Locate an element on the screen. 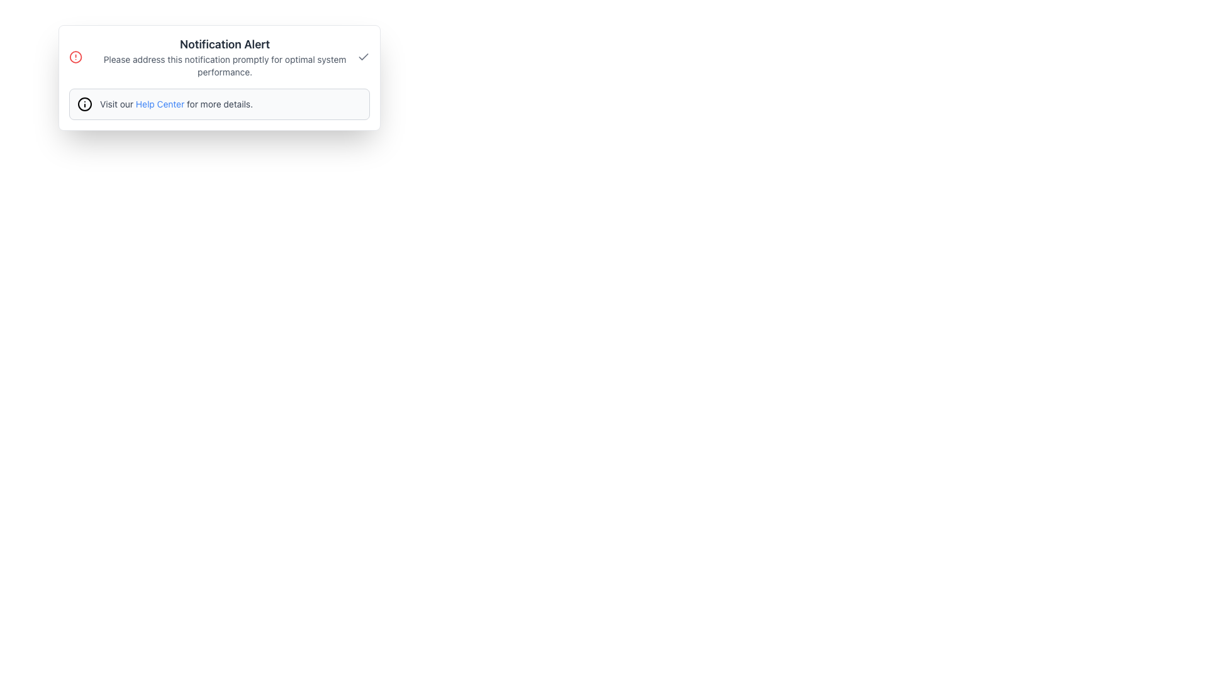  the 'Help Center' hyperlink in the Informational Box with a light gray background, rounded corners, and a black information icon on the left is located at coordinates (220, 103).